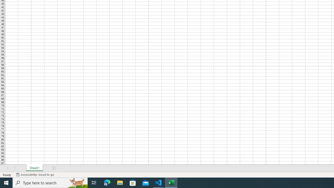 The height and width of the screenshot is (188, 334). Describe the element at coordinates (34, 168) in the screenshot. I see `'Sheet1'` at that location.